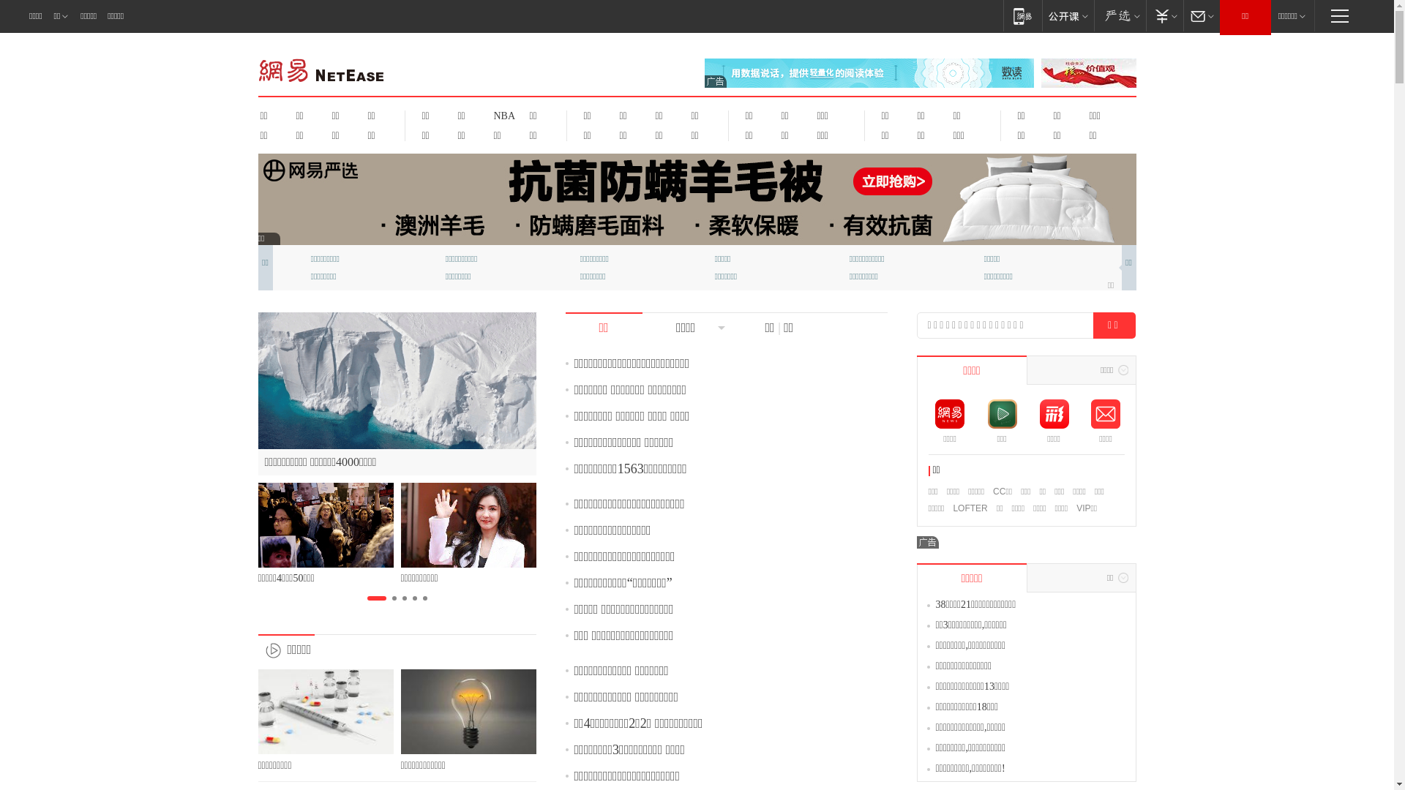  Describe the element at coordinates (970, 507) in the screenshot. I see `'LOFTER'` at that location.